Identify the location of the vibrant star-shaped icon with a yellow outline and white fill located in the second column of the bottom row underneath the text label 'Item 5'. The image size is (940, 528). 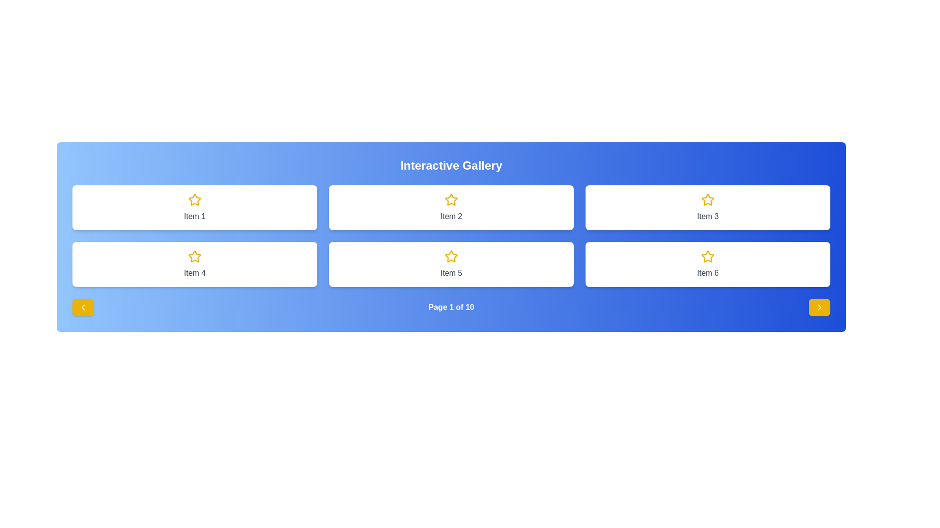
(450, 256).